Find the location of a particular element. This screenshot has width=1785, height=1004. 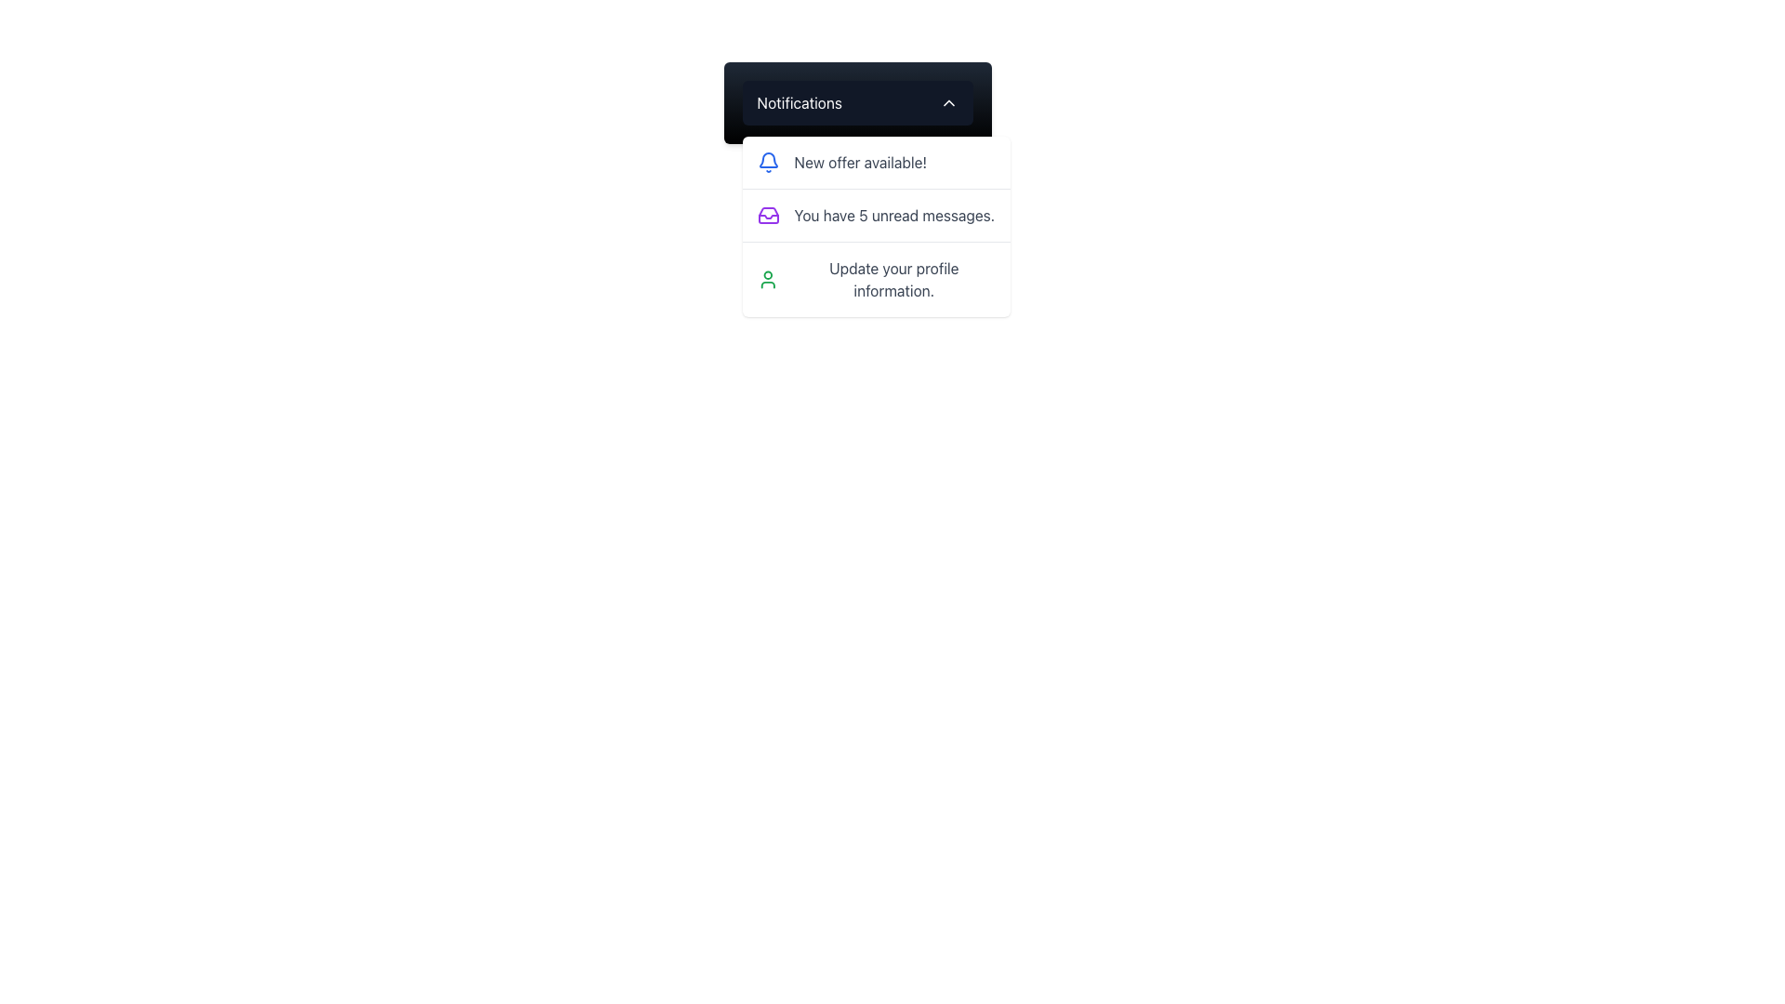

the decorative element of the purple-colored inbox icon that indicates the notification message, located below the 'Notifications' heading and next to 'You have 5 unread messages.' is located at coordinates (768, 216).